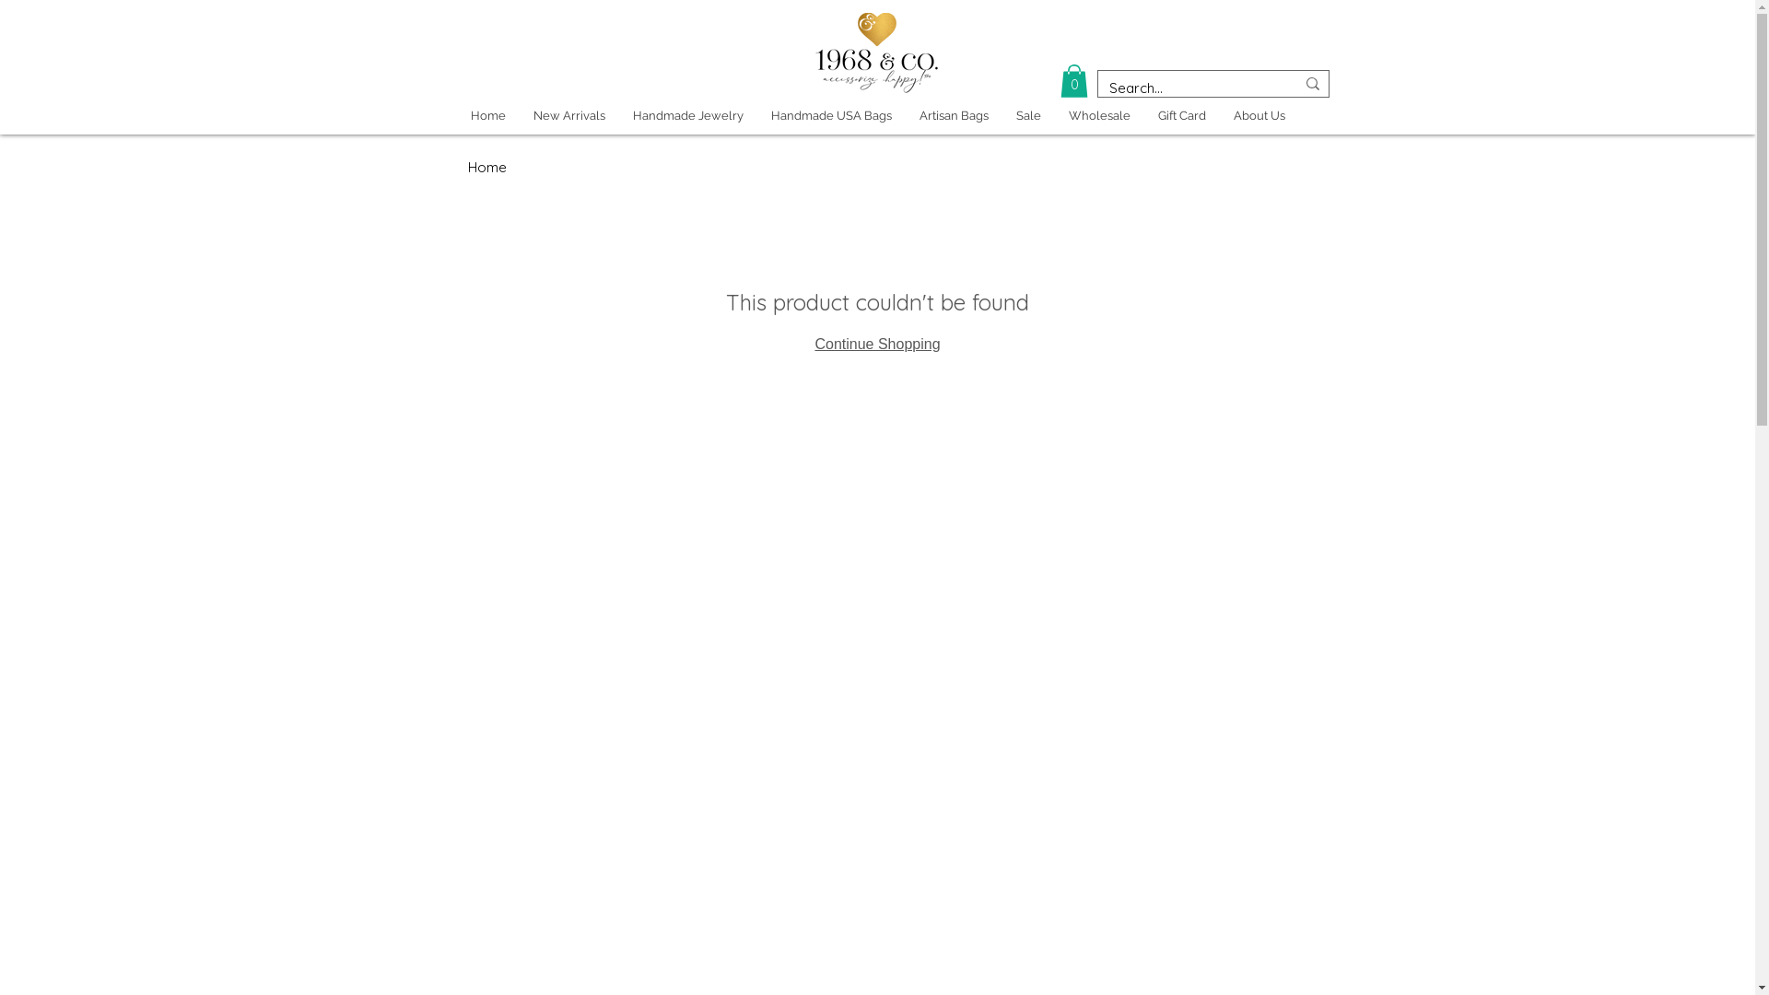 This screenshot has width=1769, height=995. I want to click on 'Continue Shopping', so click(813, 344).